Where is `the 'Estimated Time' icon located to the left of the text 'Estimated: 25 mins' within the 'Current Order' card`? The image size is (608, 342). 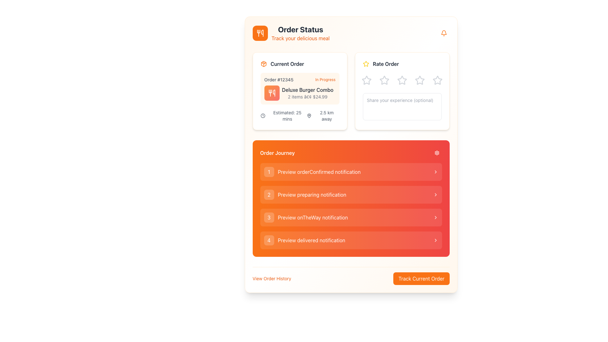
the 'Estimated Time' icon located to the left of the text 'Estimated: 25 mins' within the 'Current Order' card is located at coordinates (263, 116).